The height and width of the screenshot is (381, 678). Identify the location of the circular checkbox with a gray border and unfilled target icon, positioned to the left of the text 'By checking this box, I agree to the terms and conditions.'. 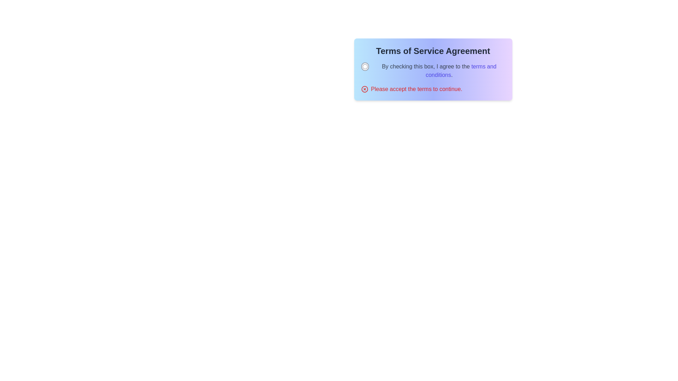
(365, 67).